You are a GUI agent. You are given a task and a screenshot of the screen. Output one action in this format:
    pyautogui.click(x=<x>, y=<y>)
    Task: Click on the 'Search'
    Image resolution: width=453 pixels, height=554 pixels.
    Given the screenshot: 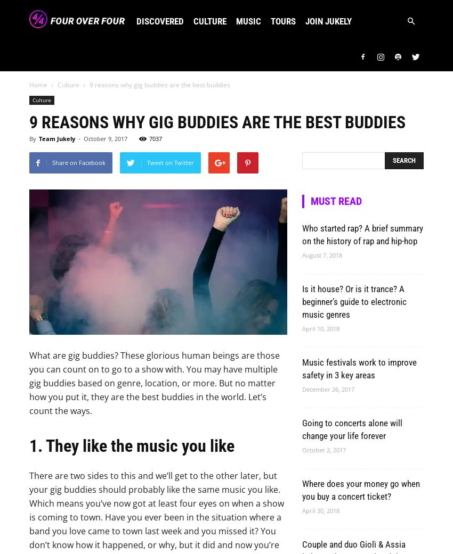 What is the action you would take?
    pyautogui.click(x=226, y=42)
    